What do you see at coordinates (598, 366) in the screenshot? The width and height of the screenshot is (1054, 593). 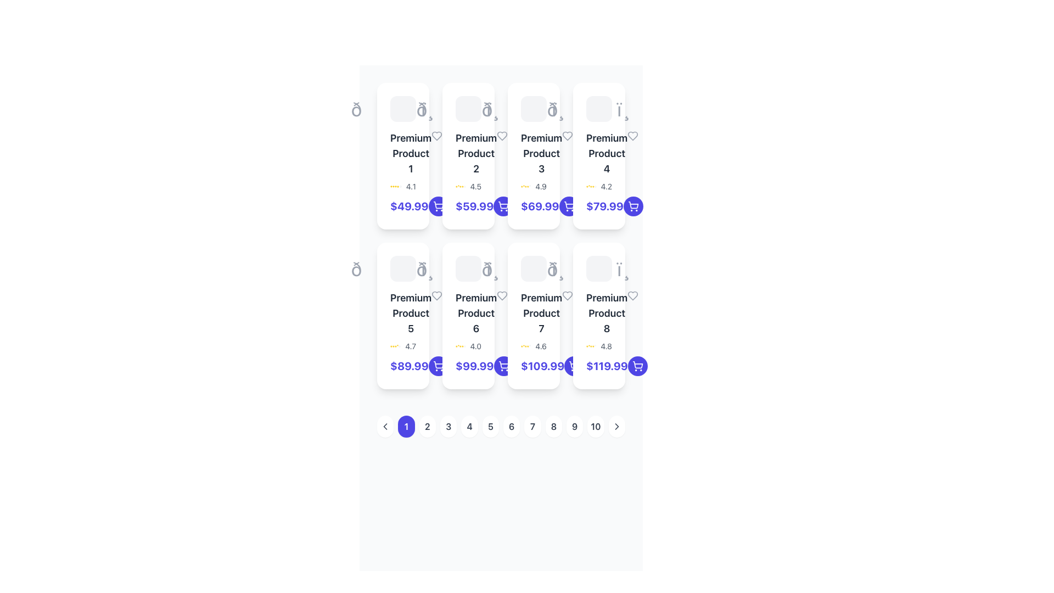 I see `the price text displayed at the bottom-right corner of the 'Premium Product 8' card` at bounding box center [598, 366].